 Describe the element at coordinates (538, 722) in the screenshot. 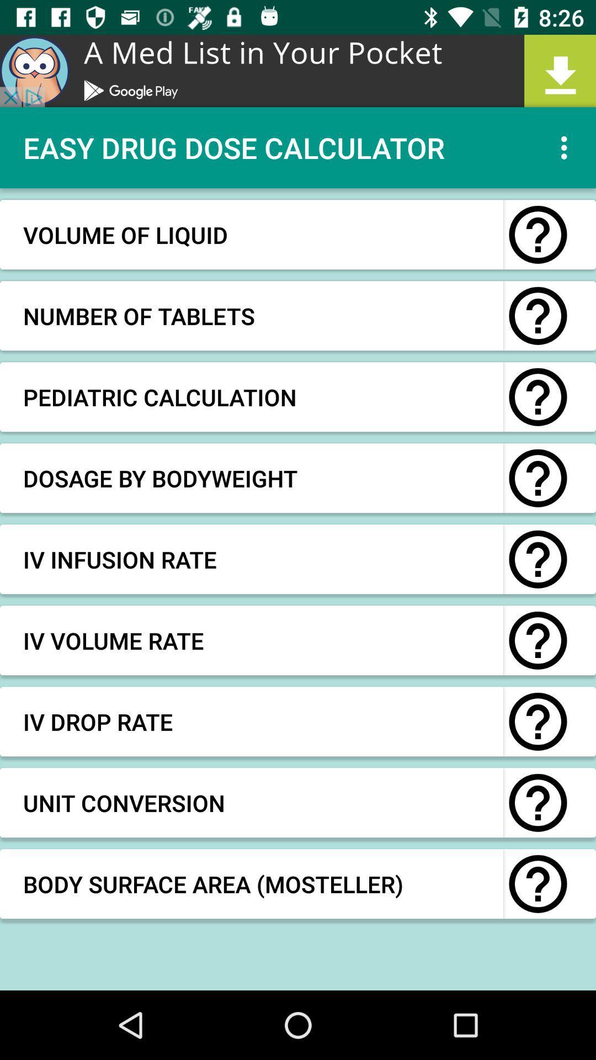

I see `question` at that location.